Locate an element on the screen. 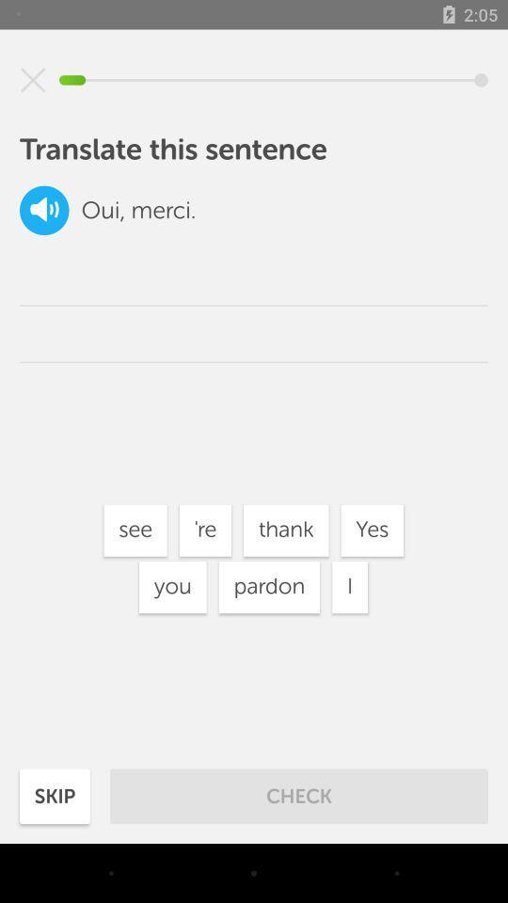 The height and width of the screenshot is (903, 508). item next to 're icon is located at coordinates (135, 531).